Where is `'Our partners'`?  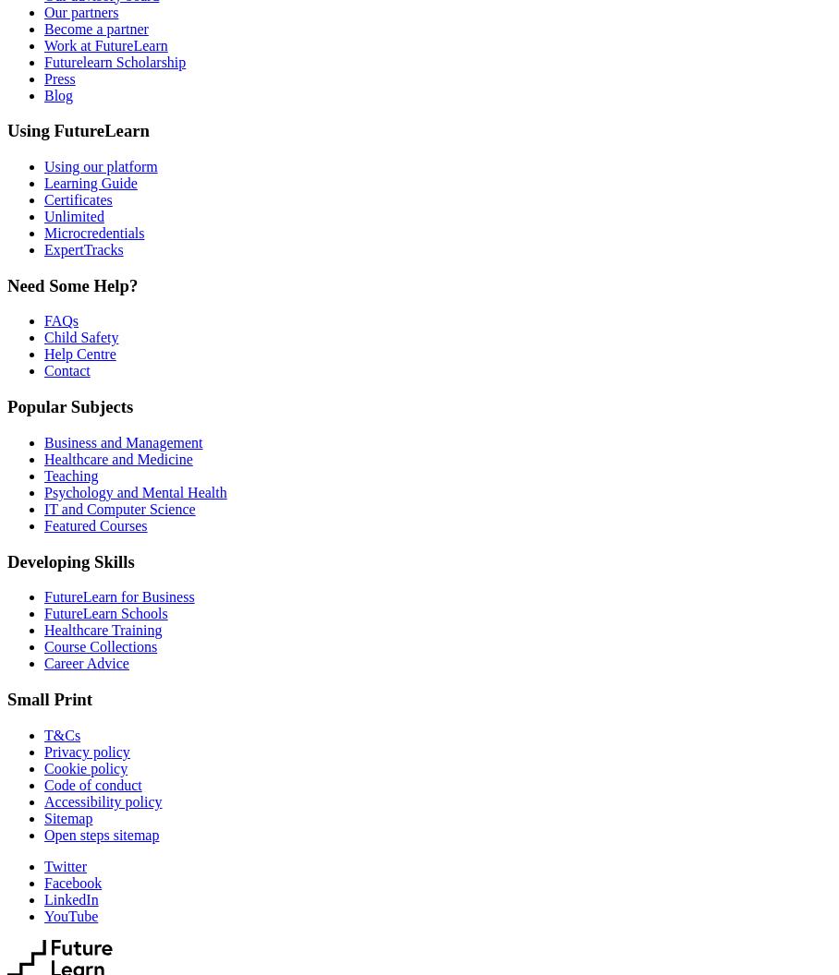 'Our partners' is located at coordinates (79, 11).